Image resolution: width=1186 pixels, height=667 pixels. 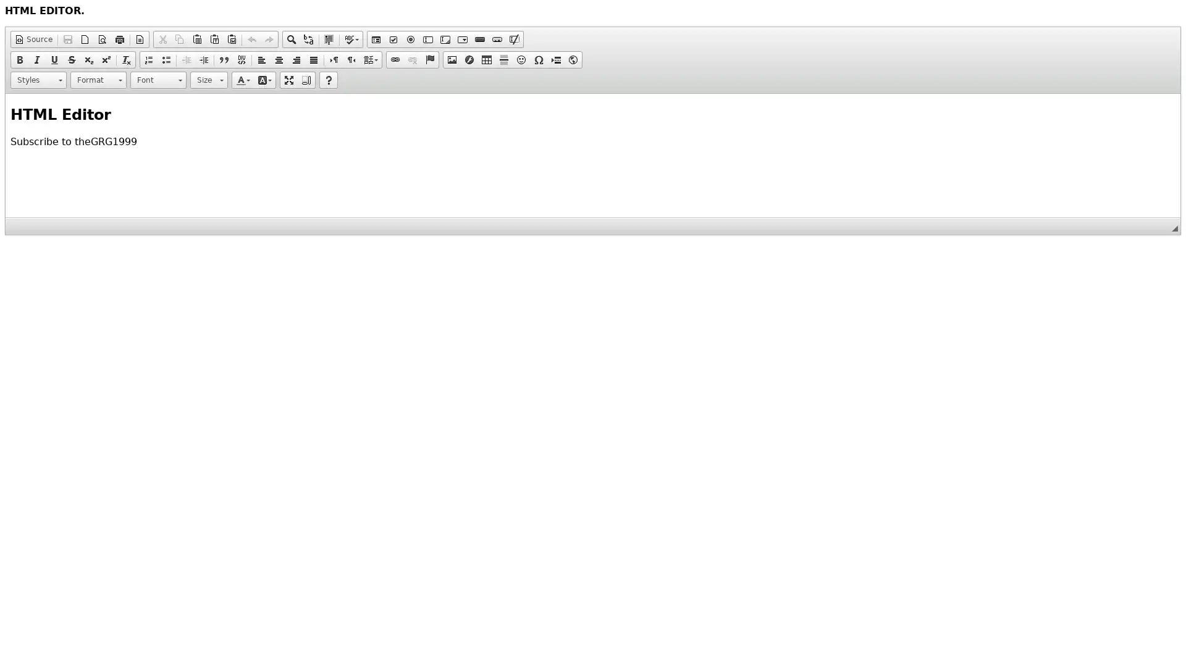 I want to click on Redo, so click(x=269, y=39).